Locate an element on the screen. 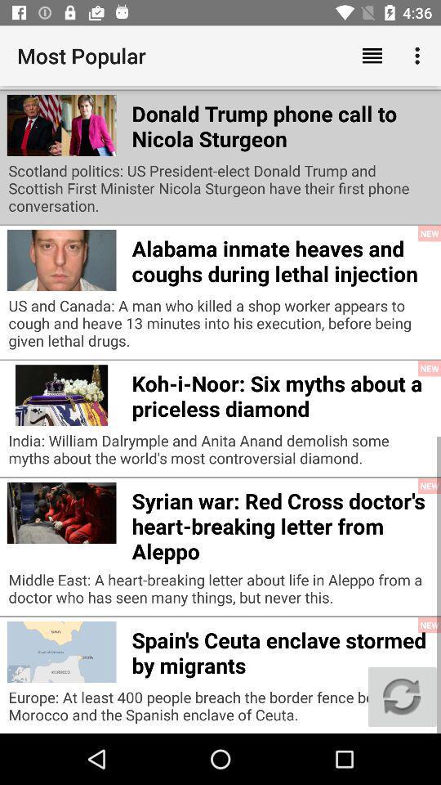 The image size is (441, 785). alabama inmate heaves item is located at coordinates (281, 258).